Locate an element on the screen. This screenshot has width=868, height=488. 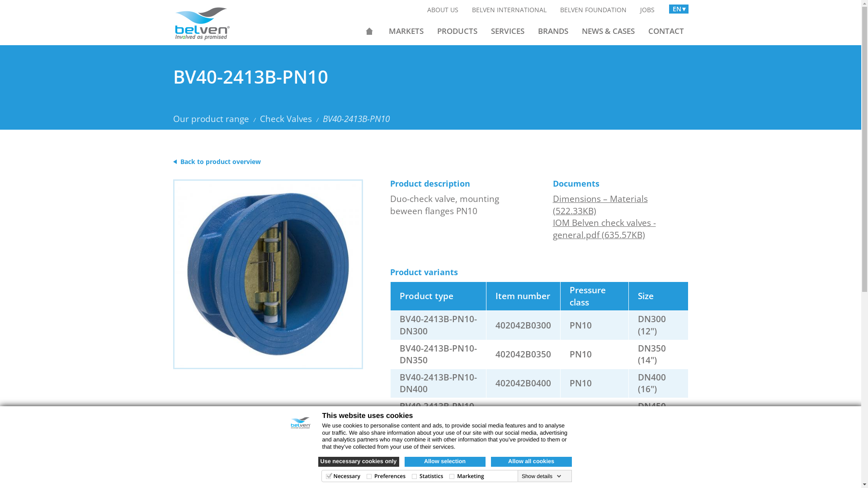
'Allow selection' is located at coordinates (444, 462).